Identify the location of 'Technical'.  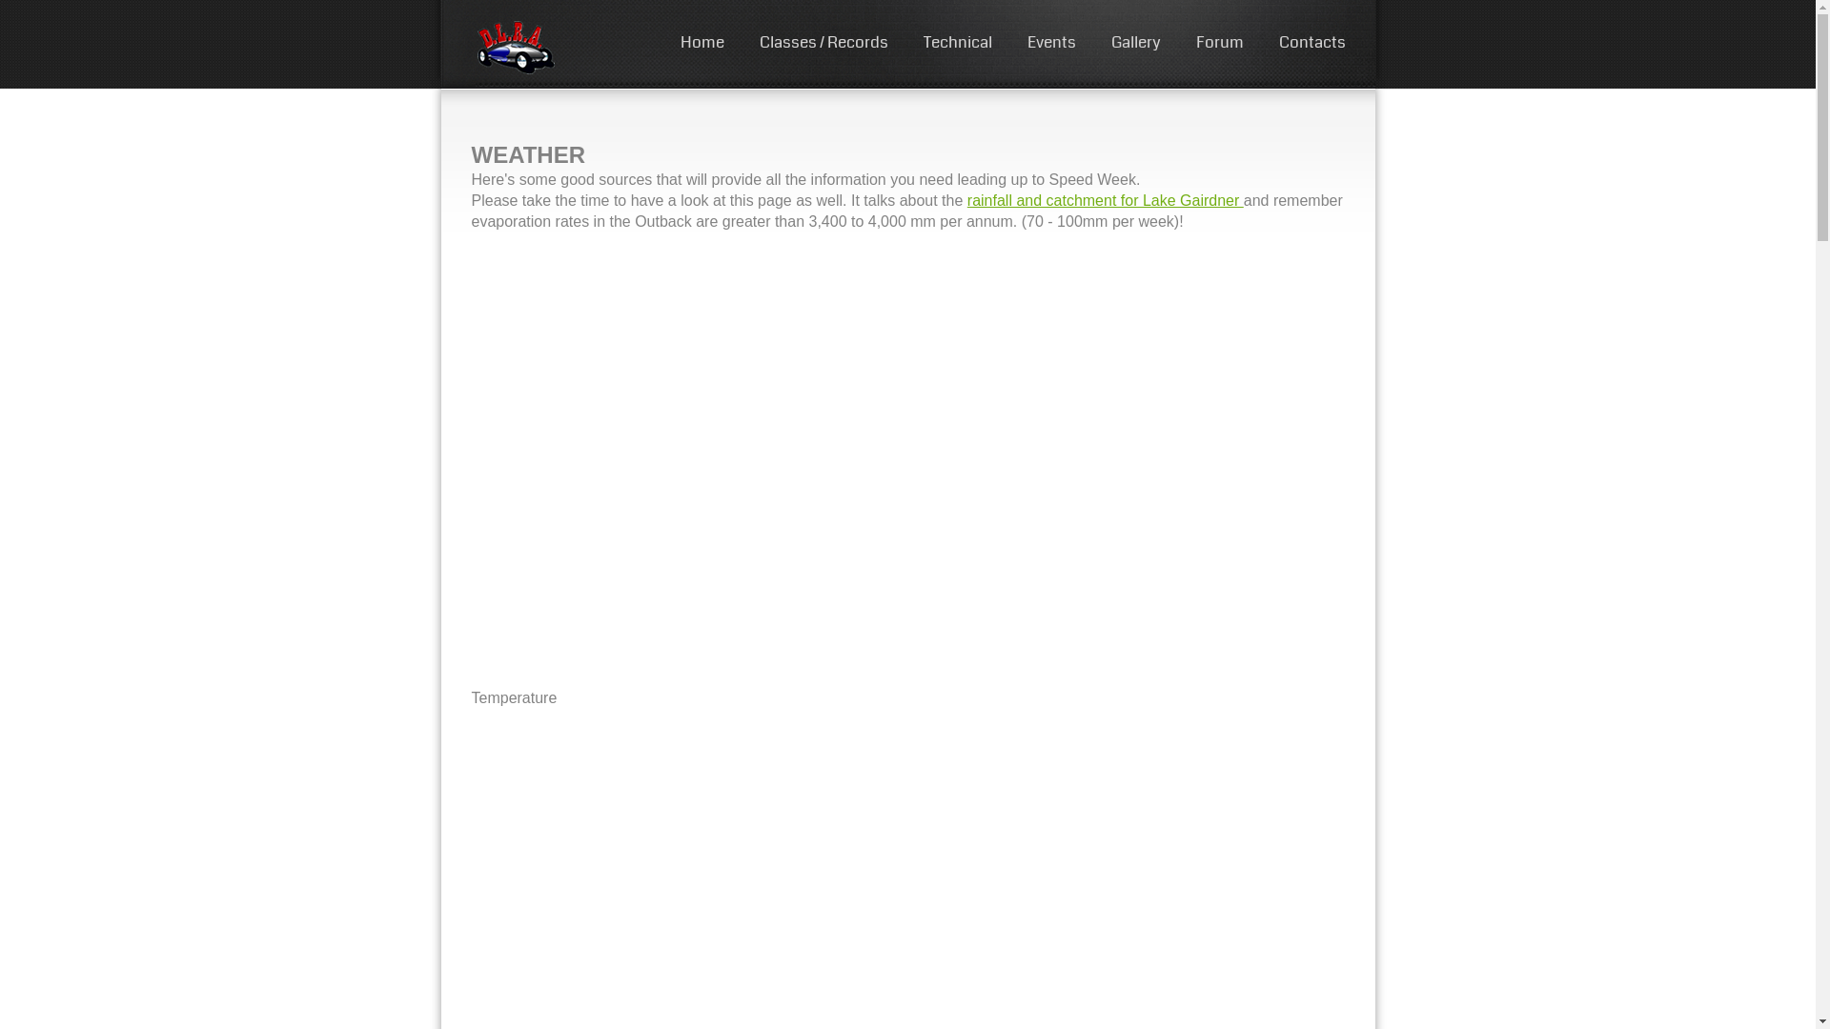
(956, 42).